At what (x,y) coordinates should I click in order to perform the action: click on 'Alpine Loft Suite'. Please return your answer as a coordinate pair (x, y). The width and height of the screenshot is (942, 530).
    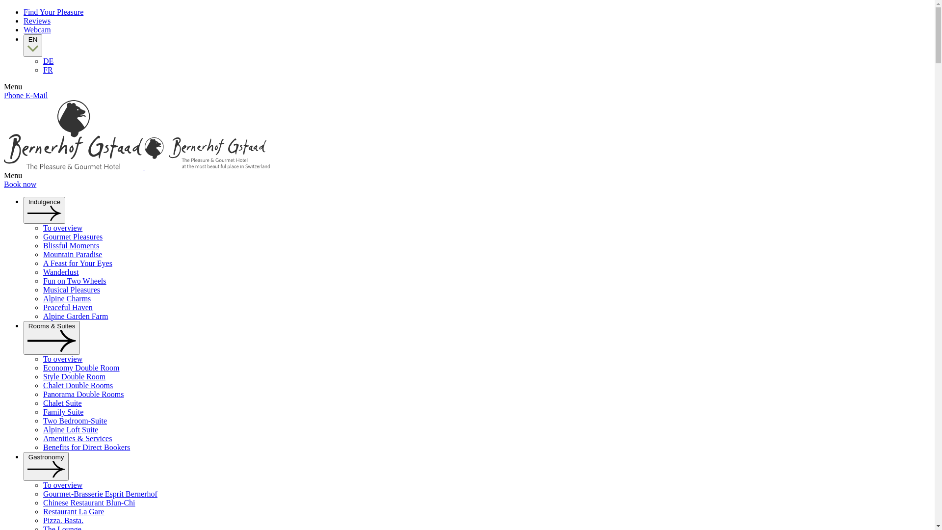
    Looking at the image, I should click on (70, 429).